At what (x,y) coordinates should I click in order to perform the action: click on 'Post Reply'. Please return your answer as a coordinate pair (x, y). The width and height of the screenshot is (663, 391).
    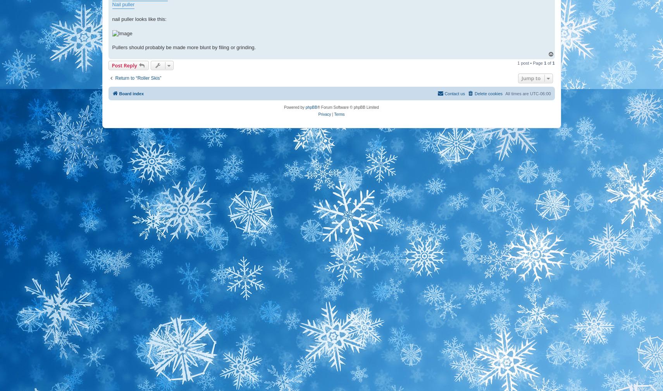
    Looking at the image, I should click on (124, 65).